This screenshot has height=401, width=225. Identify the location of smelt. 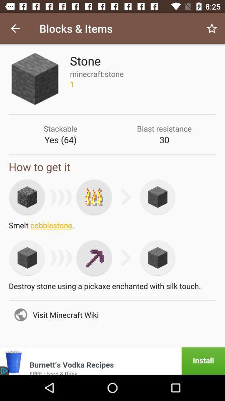
(94, 197).